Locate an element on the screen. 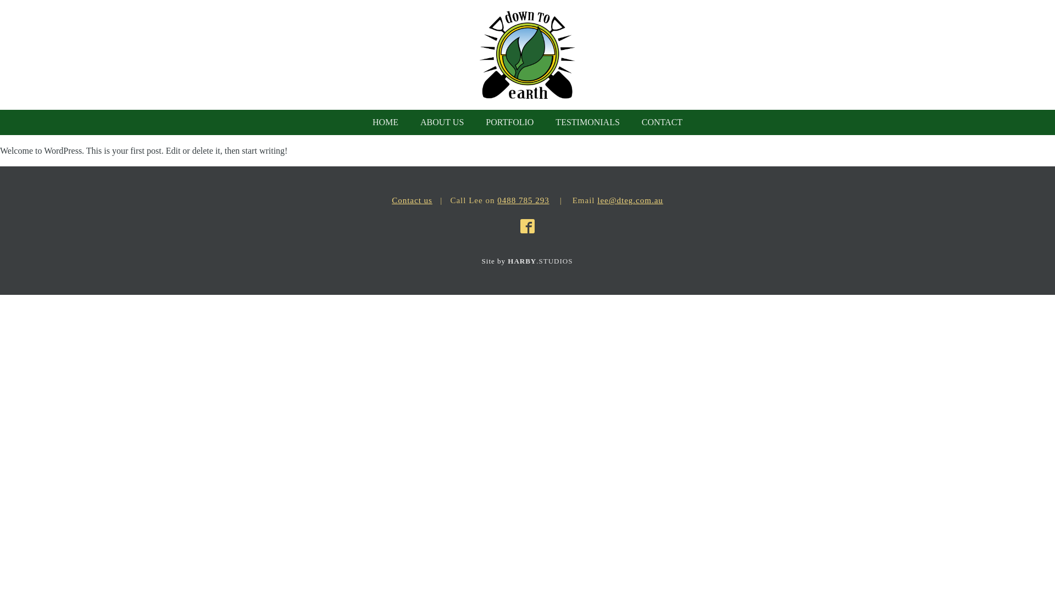 The width and height of the screenshot is (1055, 593). 'lee@dteg.com.au' is located at coordinates (596, 200).